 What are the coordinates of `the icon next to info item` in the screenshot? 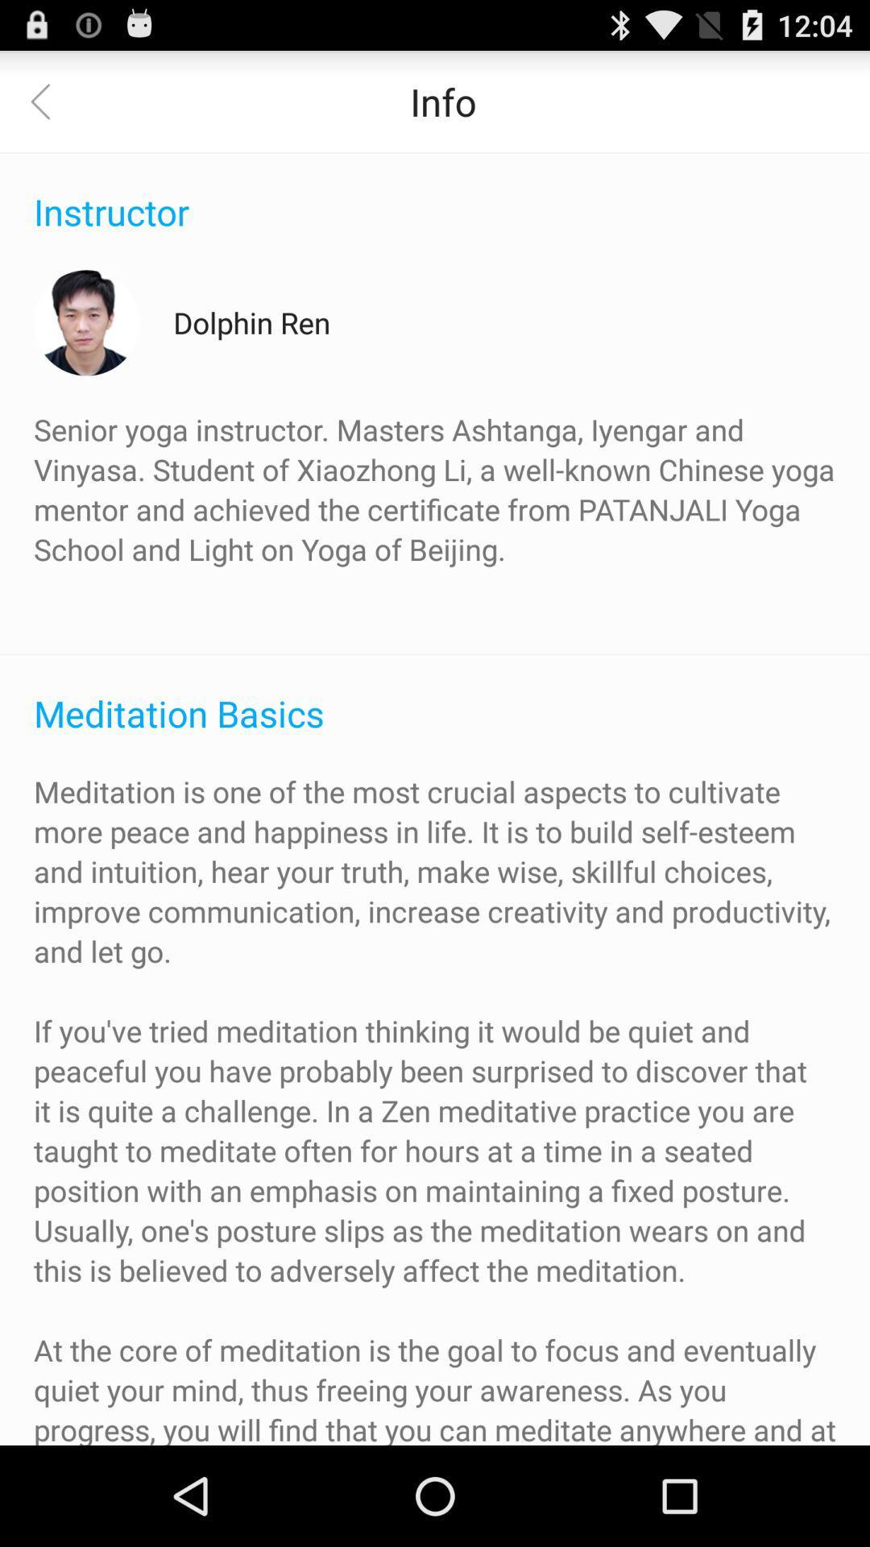 It's located at (49, 100).